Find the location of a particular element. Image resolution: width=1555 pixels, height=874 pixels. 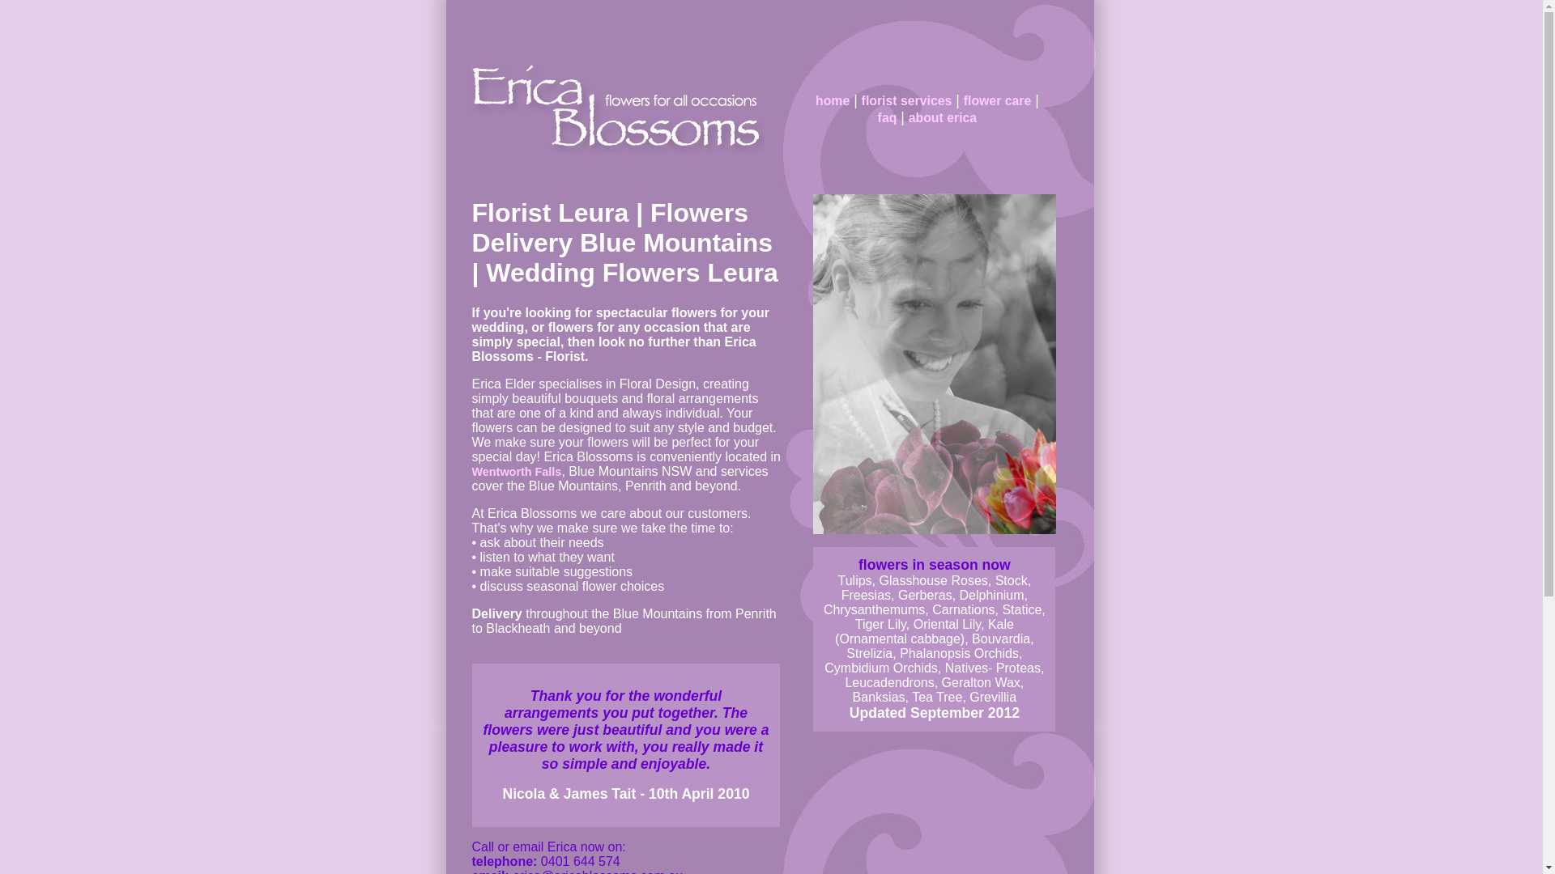

'home' is located at coordinates (832, 100).